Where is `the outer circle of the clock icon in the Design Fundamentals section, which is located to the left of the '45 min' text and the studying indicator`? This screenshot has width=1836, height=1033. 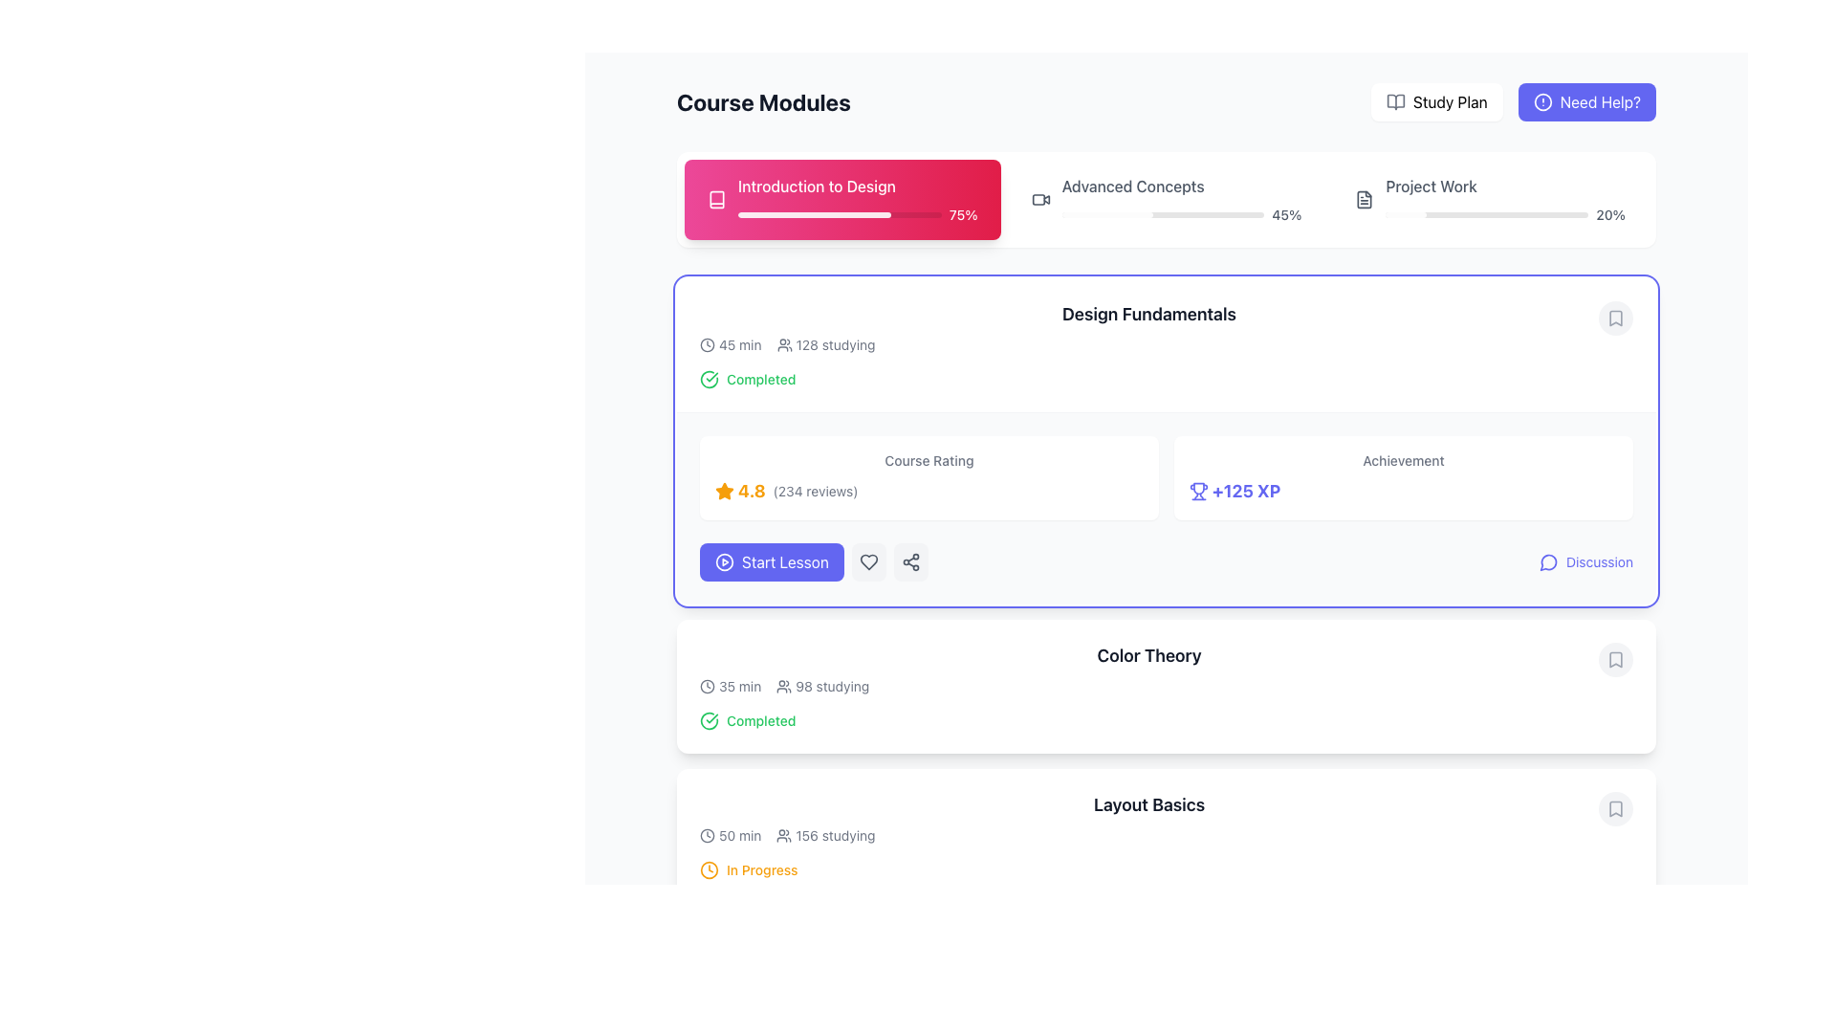 the outer circle of the clock icon in the Design Fundamentals section, which is located to the left of the '45 min' text and the studying indicator is located at coordinates (706, 345).